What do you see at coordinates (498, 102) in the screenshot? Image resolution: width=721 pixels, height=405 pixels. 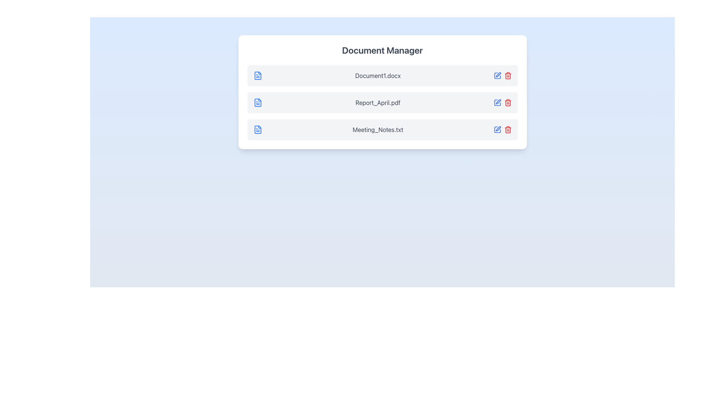 I see `the editing icon in the Document Manager interface` at bounding box center [498, 102].